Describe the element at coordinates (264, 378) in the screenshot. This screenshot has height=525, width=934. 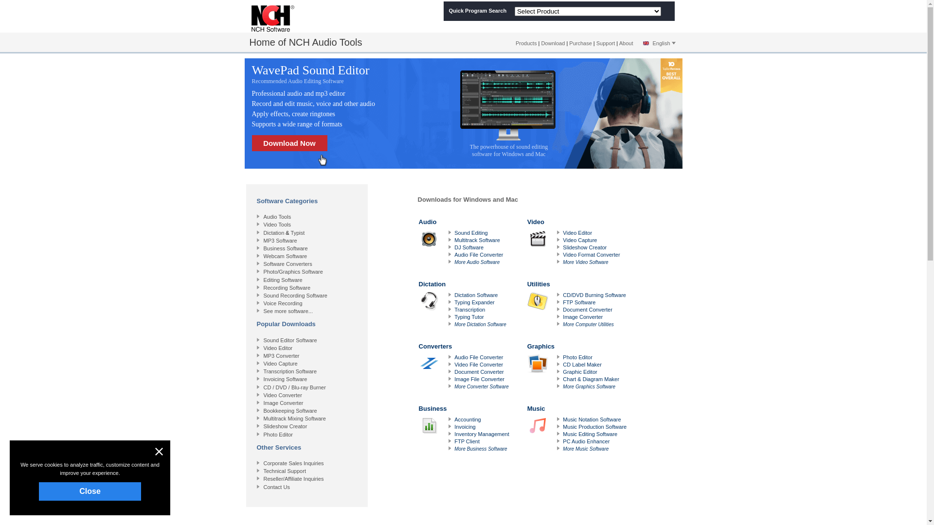
I see `'Invoicing Software'` at that location.